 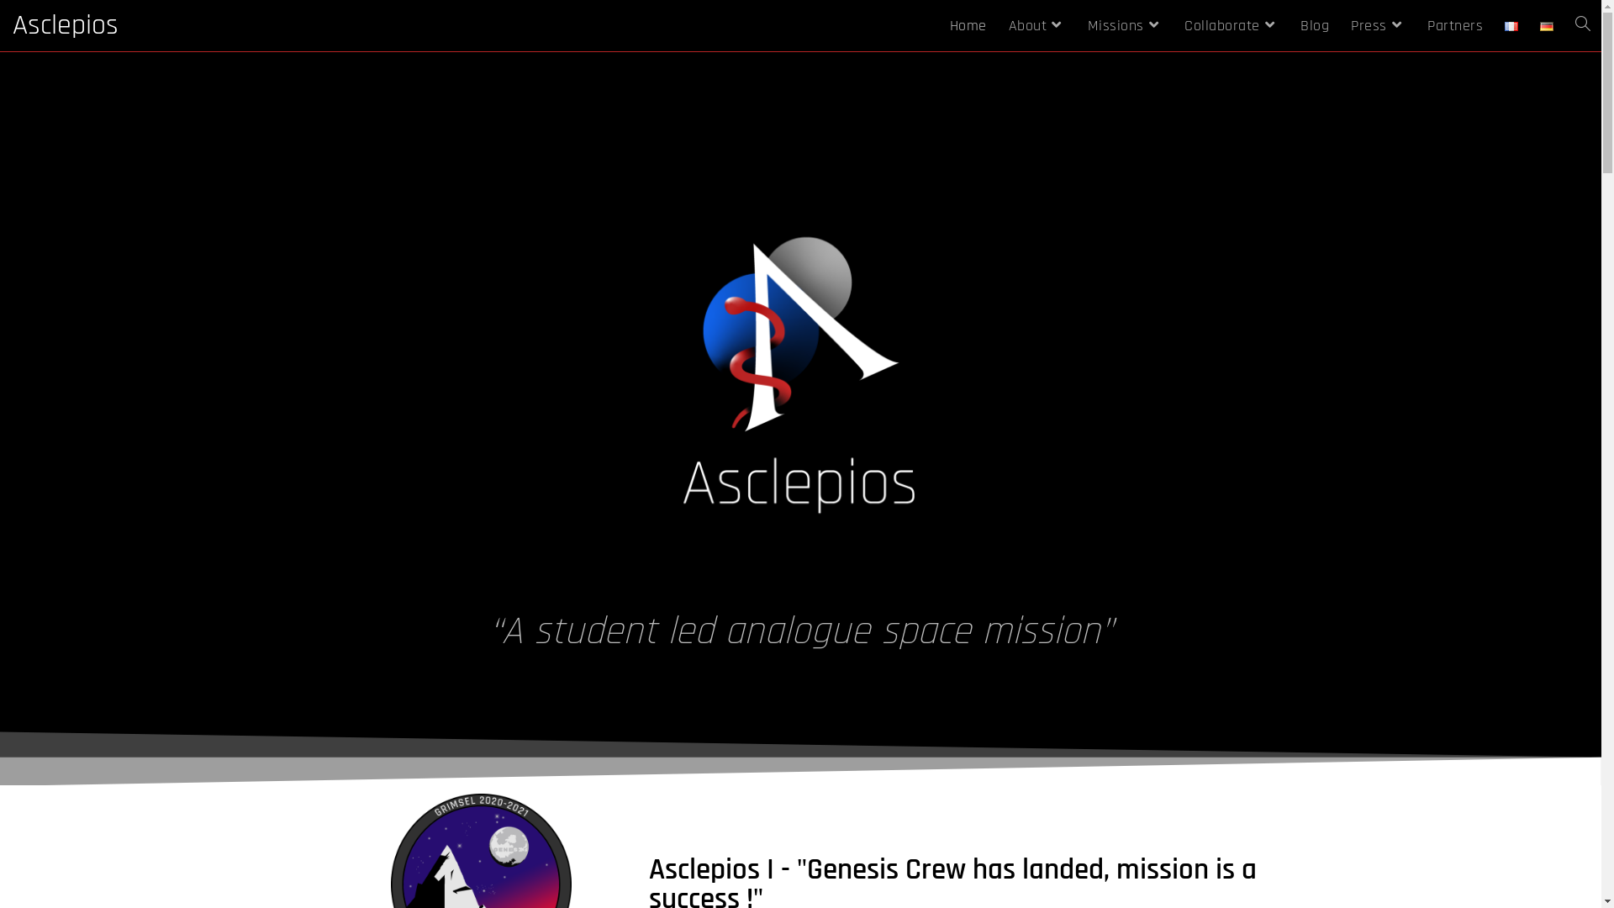 I want to click on 'Press', so click(x=1378, y=25).